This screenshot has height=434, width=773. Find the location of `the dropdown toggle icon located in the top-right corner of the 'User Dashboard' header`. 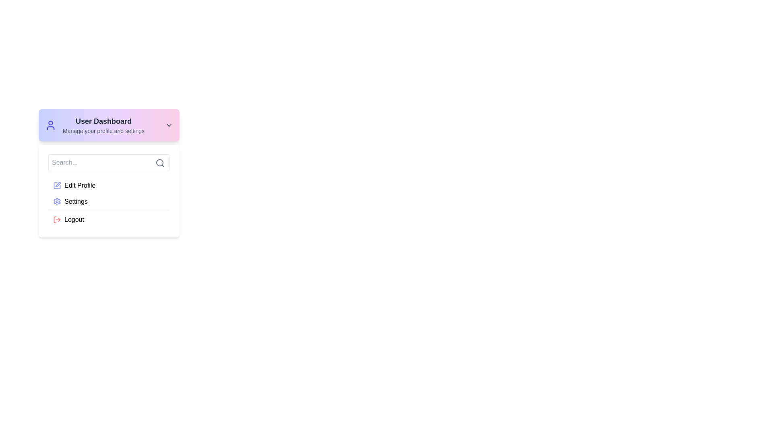

the dropdown toggle icon located in the top-right corner of the 'User Dashboard' header is located at coordinates (169, 125).